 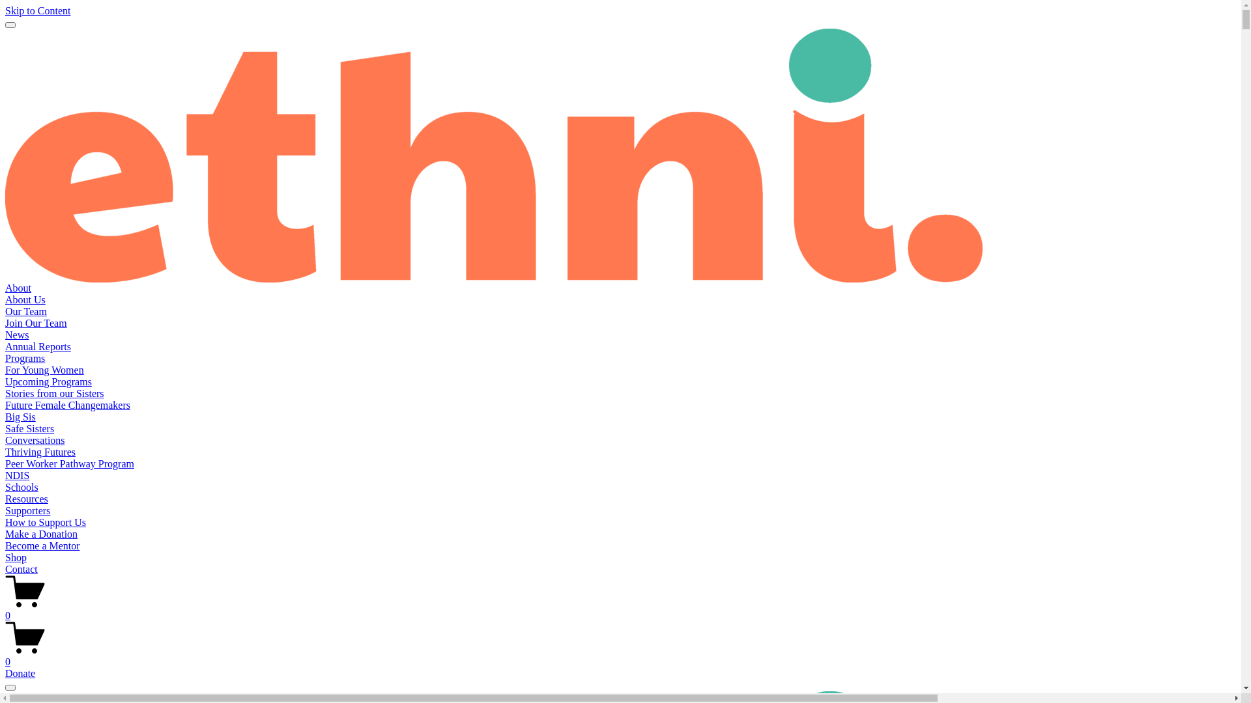 I want to click on 'Conversations', so click(x=35, y=439).